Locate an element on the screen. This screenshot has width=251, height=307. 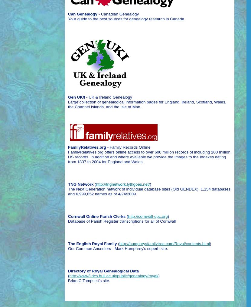
'- Family Records Online' is located at coordinates (128, 147).